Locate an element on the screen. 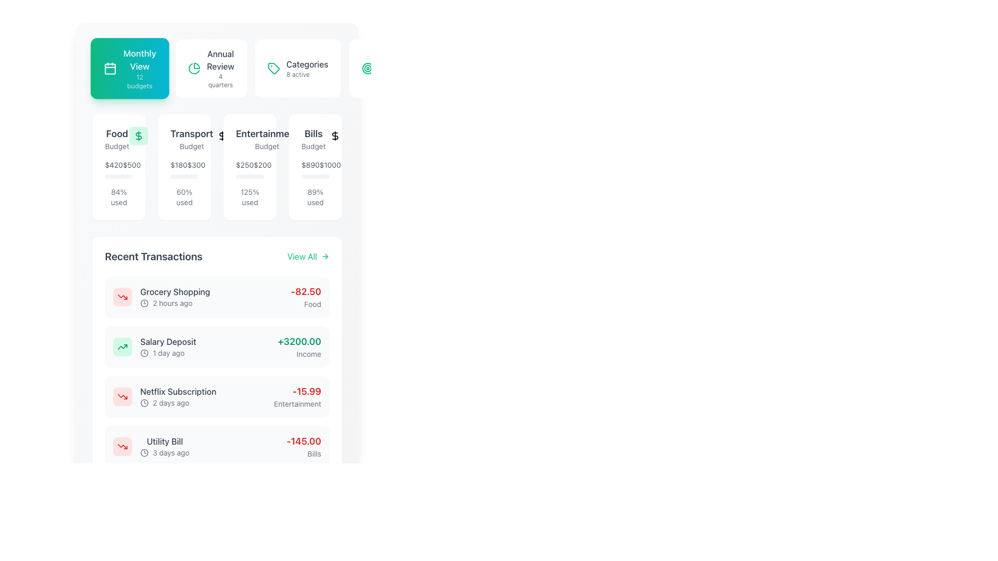 This screenshot has height=561, width=998. the compact, slender clock icon located to the left of the '1 day ago' text in the 'Recent Transactions' section, specifically associated with the 'Salary Deposit' transaction row is located at coordinates (144, 352).